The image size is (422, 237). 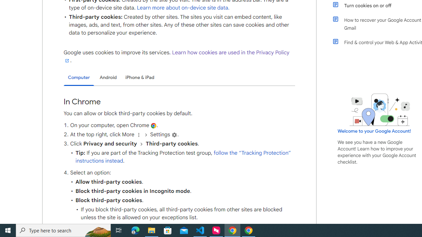 What do you see at coordinates (139, 77) in the screenshot?
I see `'iPhone & iPad'` at bounding box center [139, 77].